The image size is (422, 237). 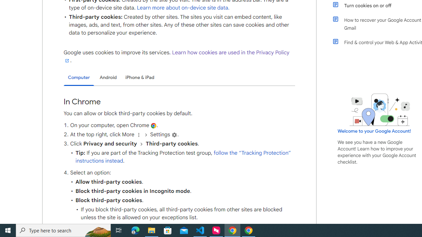 What do you see at coordinates (139, 77) in the screenshot?
I see `'iPhone & iPad'` at bounding box center [139, 77].